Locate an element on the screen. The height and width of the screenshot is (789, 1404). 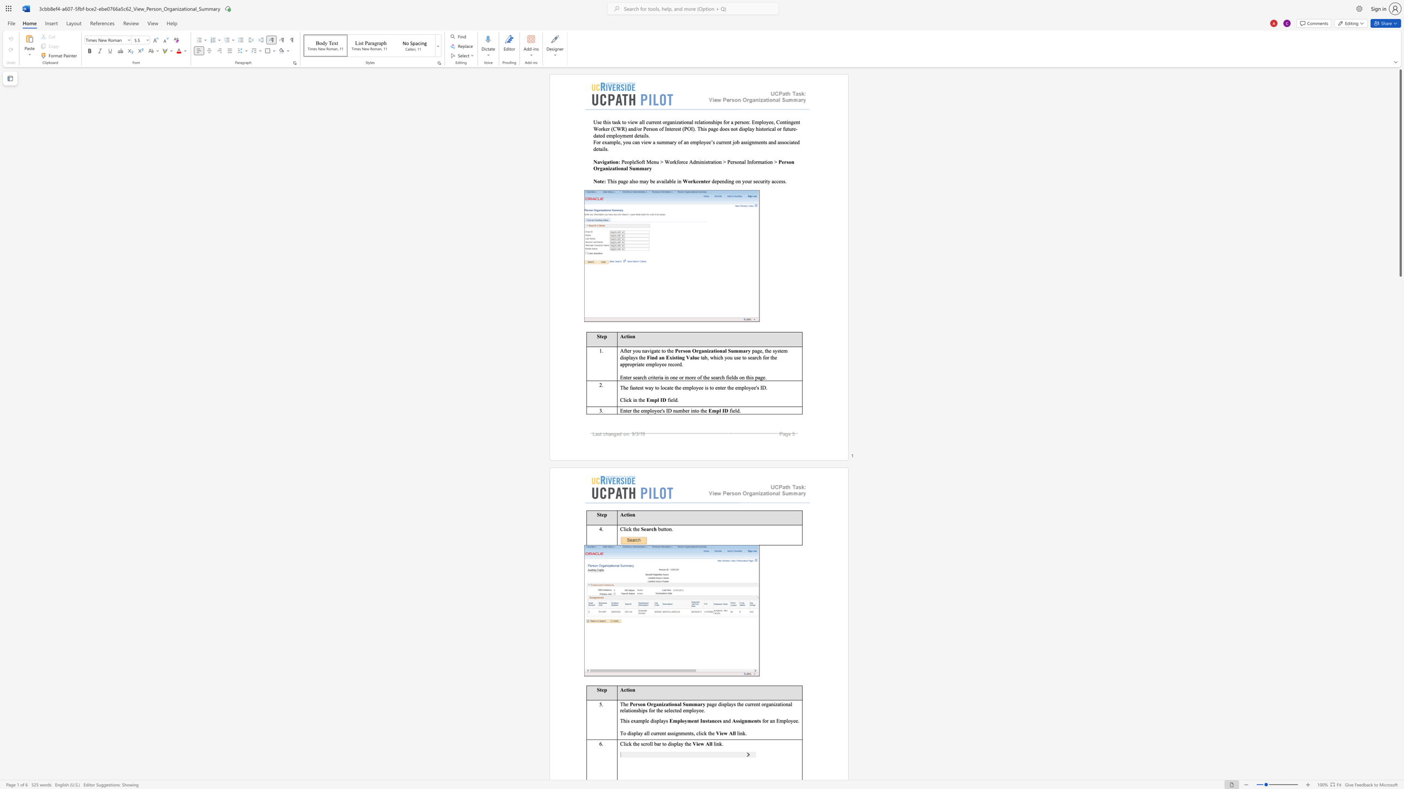
the subset text "onal Sum" within the text "Person Organizational Summary" is located at coordinates (618, 168).